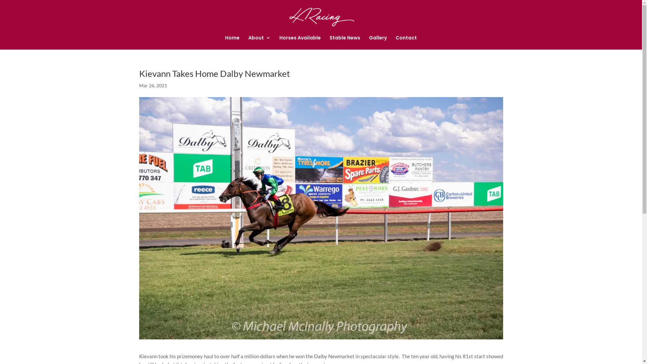 This screenshot has width=647, height=364. I want to click on 'Stable News', so click(345, 42).